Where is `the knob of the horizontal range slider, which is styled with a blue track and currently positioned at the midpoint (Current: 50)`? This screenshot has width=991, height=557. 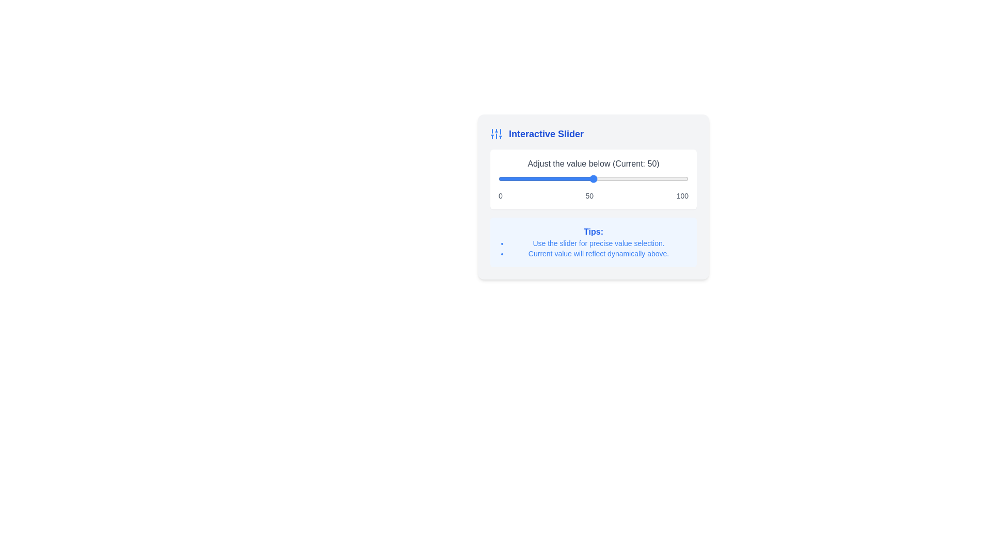
the knob of the horizontal range slider, which is styled with a blue track and currently positioned at the midpoint (Current: 50) is located at coordinates (594, 178).